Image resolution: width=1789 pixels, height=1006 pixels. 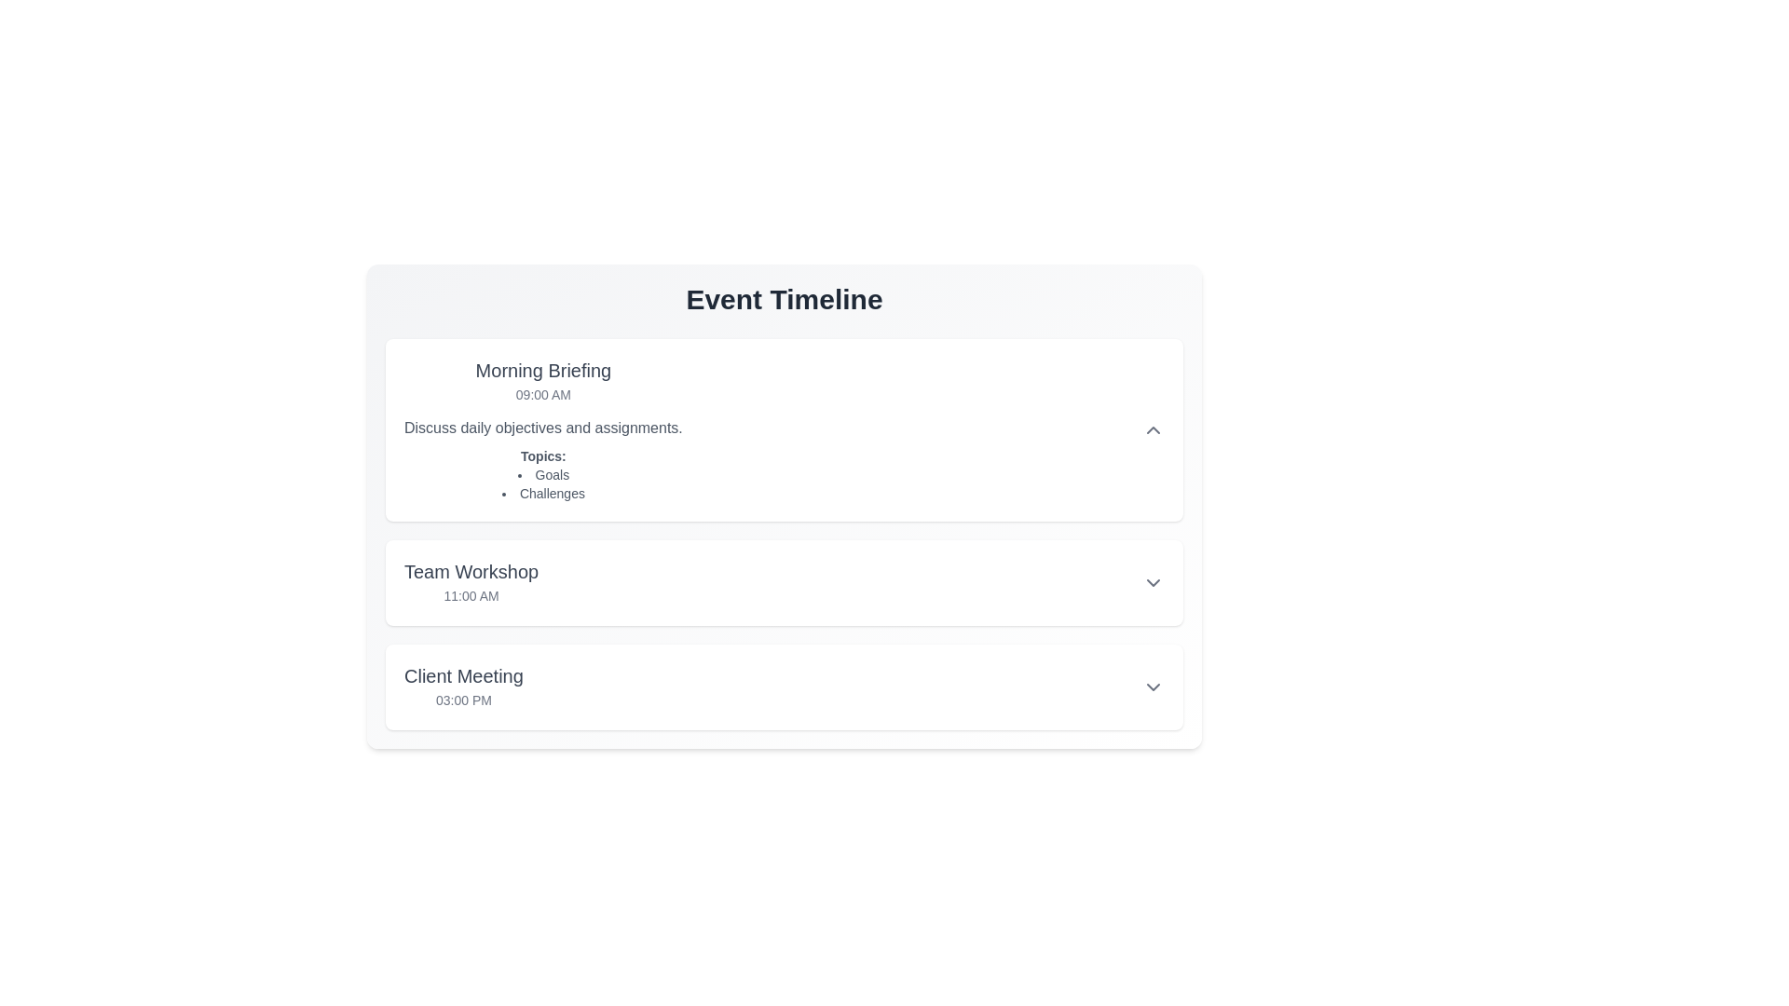 I want to click on text from the unordered list containing 'Goals' and 'Challenges' styled in gray text, located beneath the heading 'Topics:' in the 'Morning Briefing' card, so click(x=542, y=483).